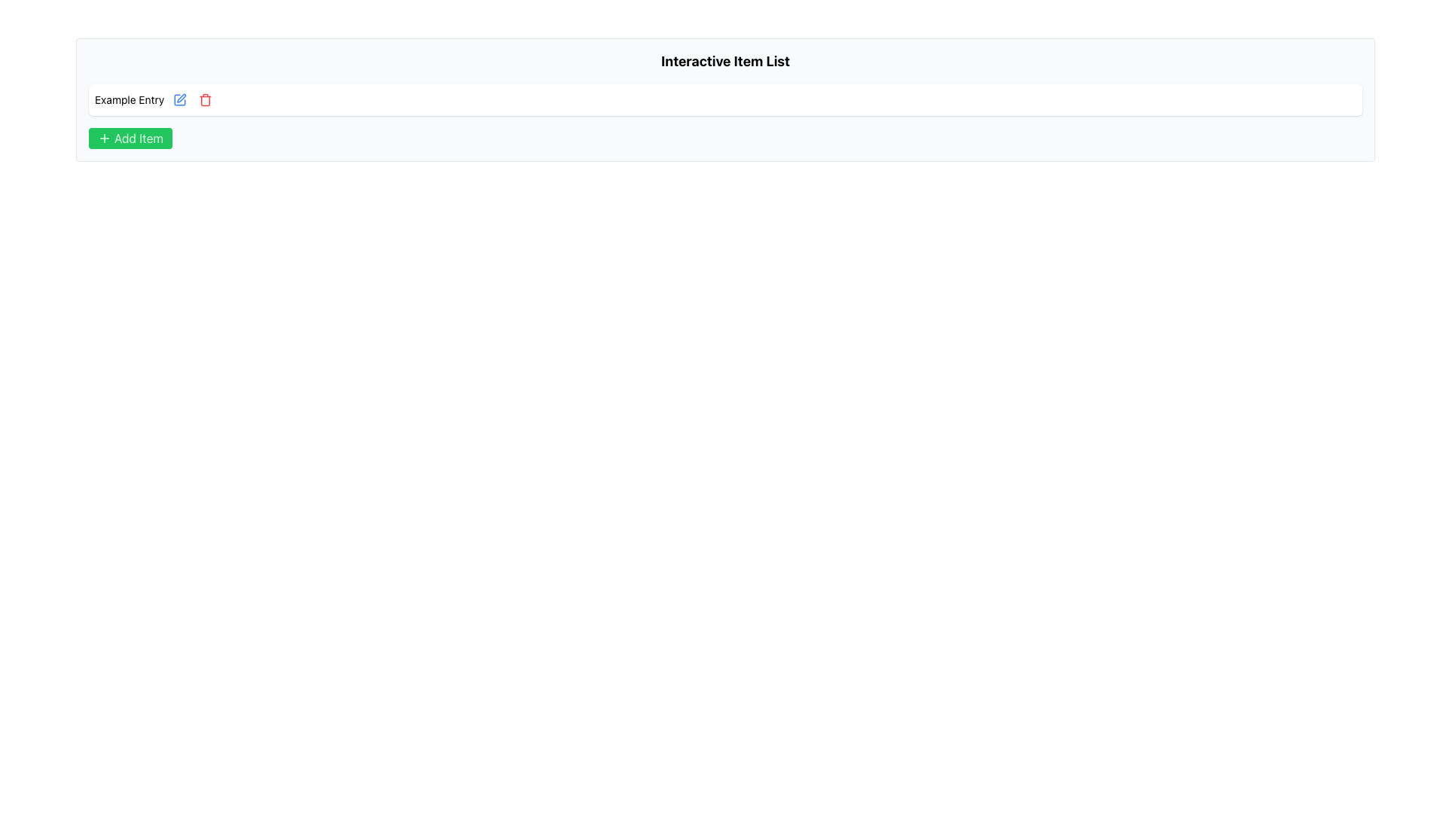 The height and width of the screenshot is (813, 1446). I want to click on the green 'Add Item' button with a white plus icon located below the 'Example Entry' item in the 'Interactive Item List' panel, so click(130, 139).